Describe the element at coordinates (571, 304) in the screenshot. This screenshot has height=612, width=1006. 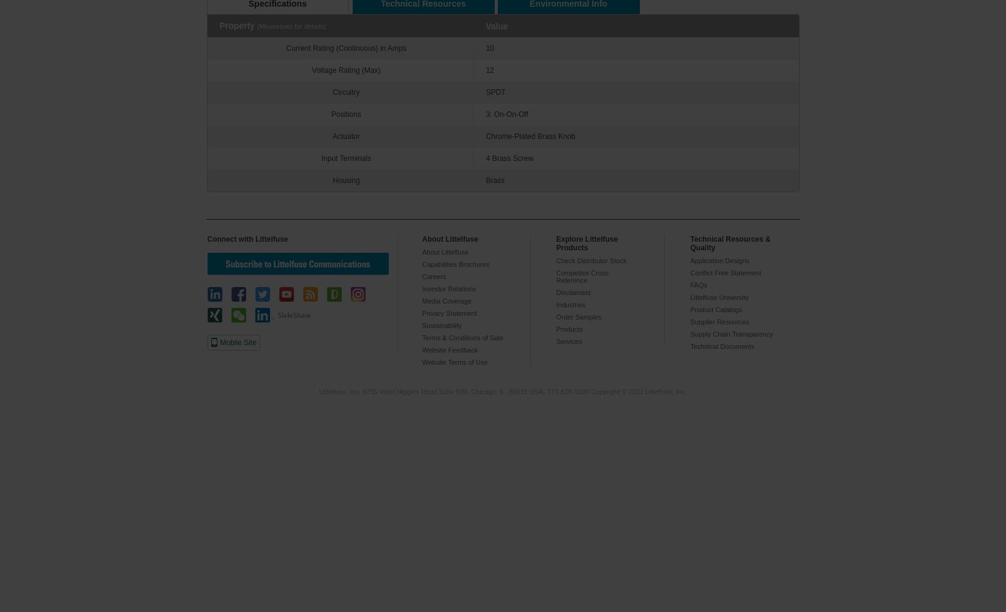
I see `'Industries'` at that location.